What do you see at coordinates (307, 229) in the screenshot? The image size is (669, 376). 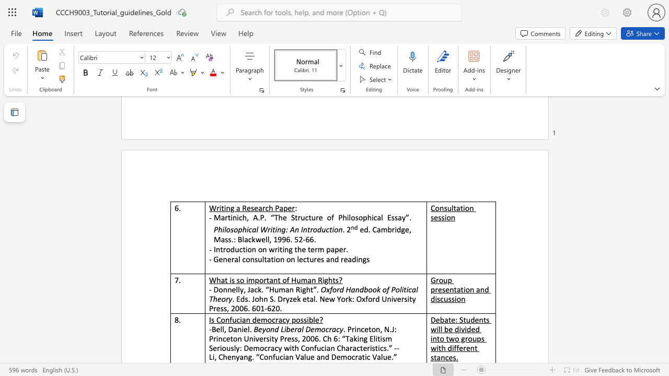 I see `the subset text "tr" within the text "Philosophical Writing: An Introduction"` at bounding box center [307, 229].